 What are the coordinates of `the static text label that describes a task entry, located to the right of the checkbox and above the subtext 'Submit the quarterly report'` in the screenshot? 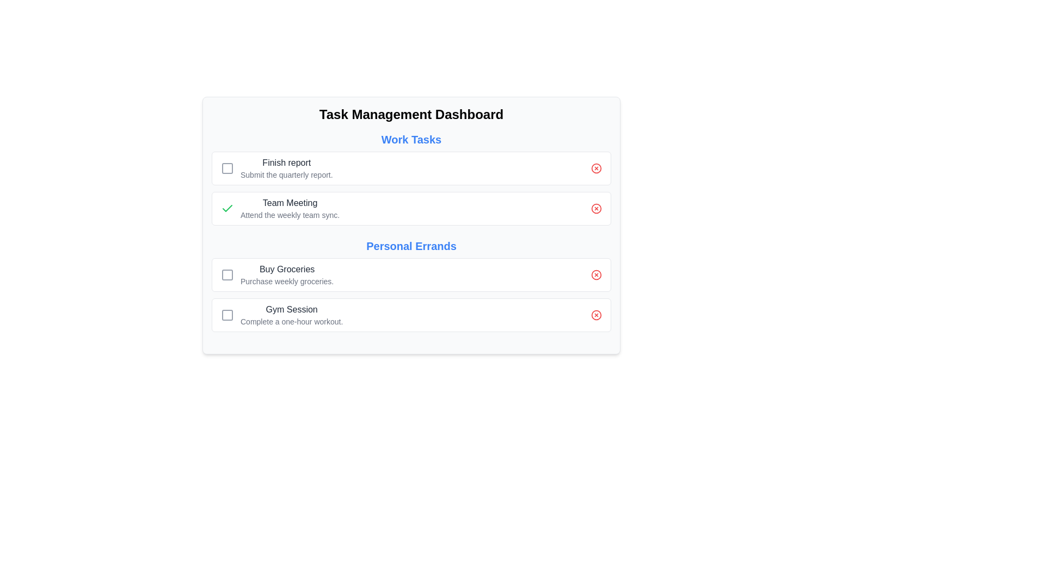 It's located at (286, 163).